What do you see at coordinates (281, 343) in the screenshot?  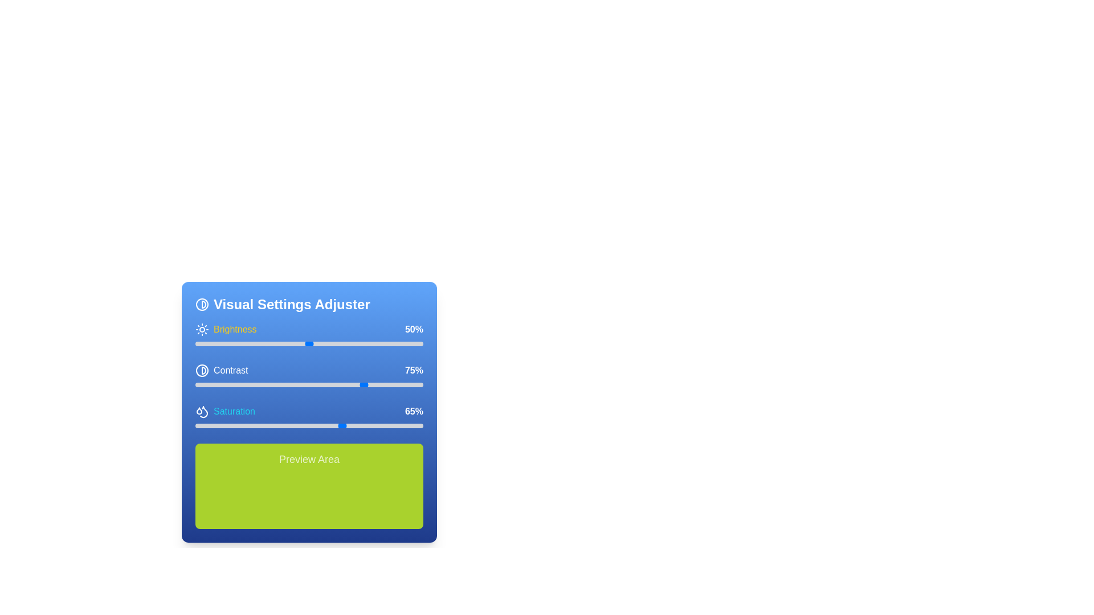 I see `the brightness level` at bounding box center [281, 343].